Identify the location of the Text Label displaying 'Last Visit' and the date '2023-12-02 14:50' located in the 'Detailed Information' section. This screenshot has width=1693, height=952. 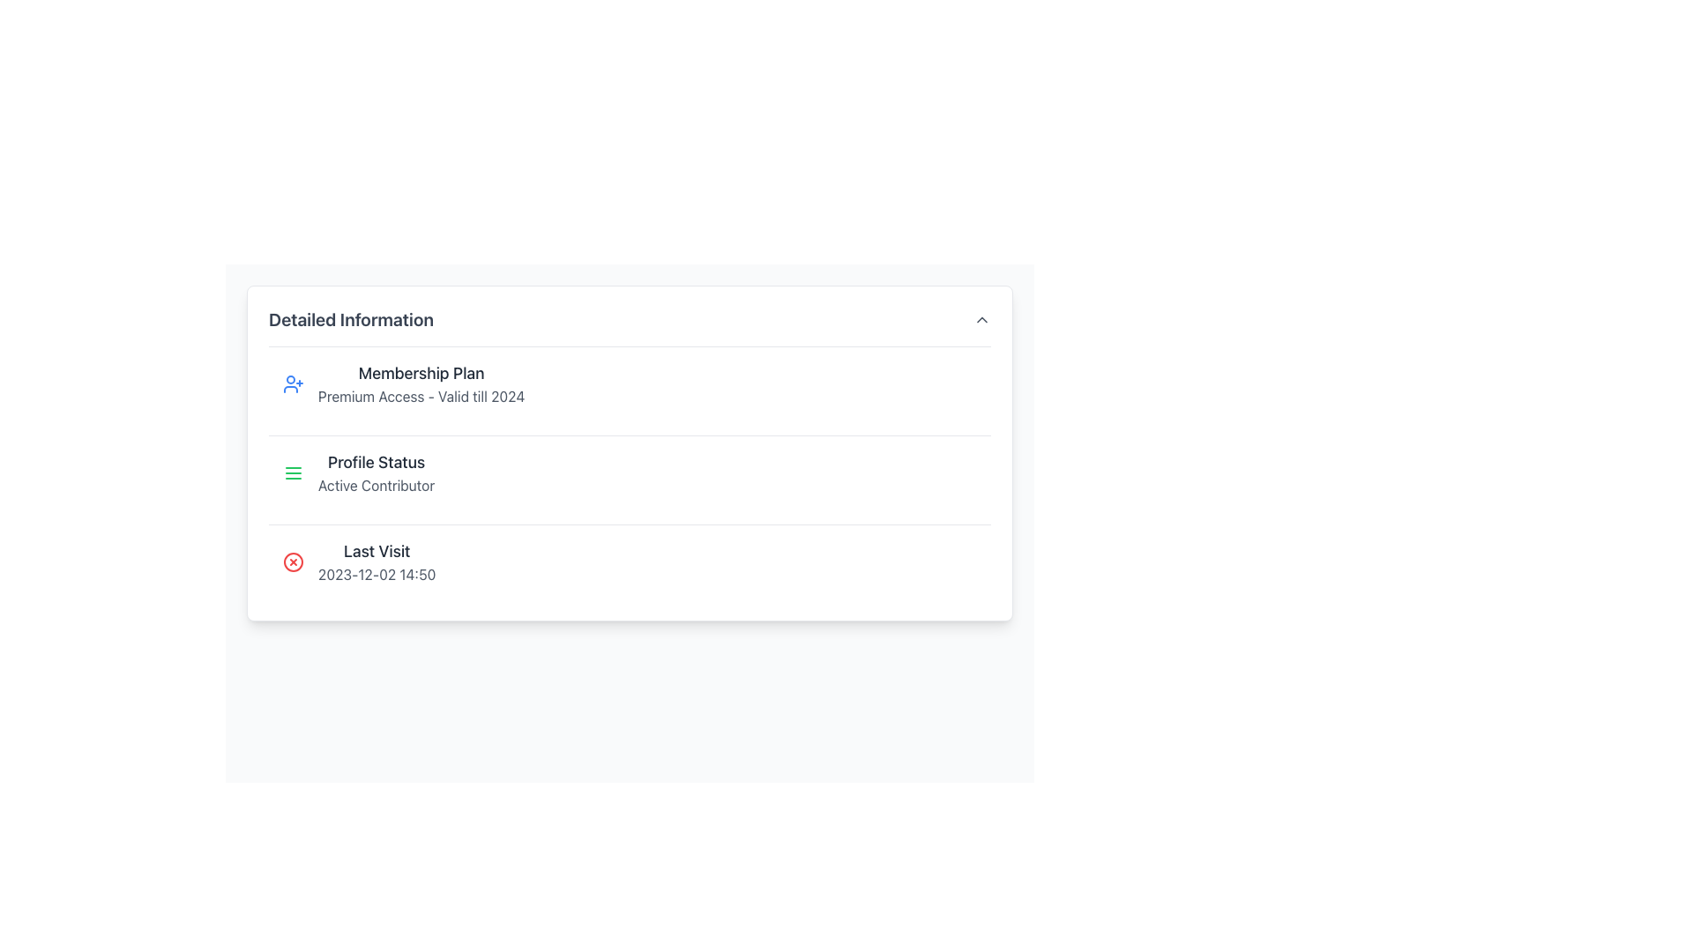
(376, 562).